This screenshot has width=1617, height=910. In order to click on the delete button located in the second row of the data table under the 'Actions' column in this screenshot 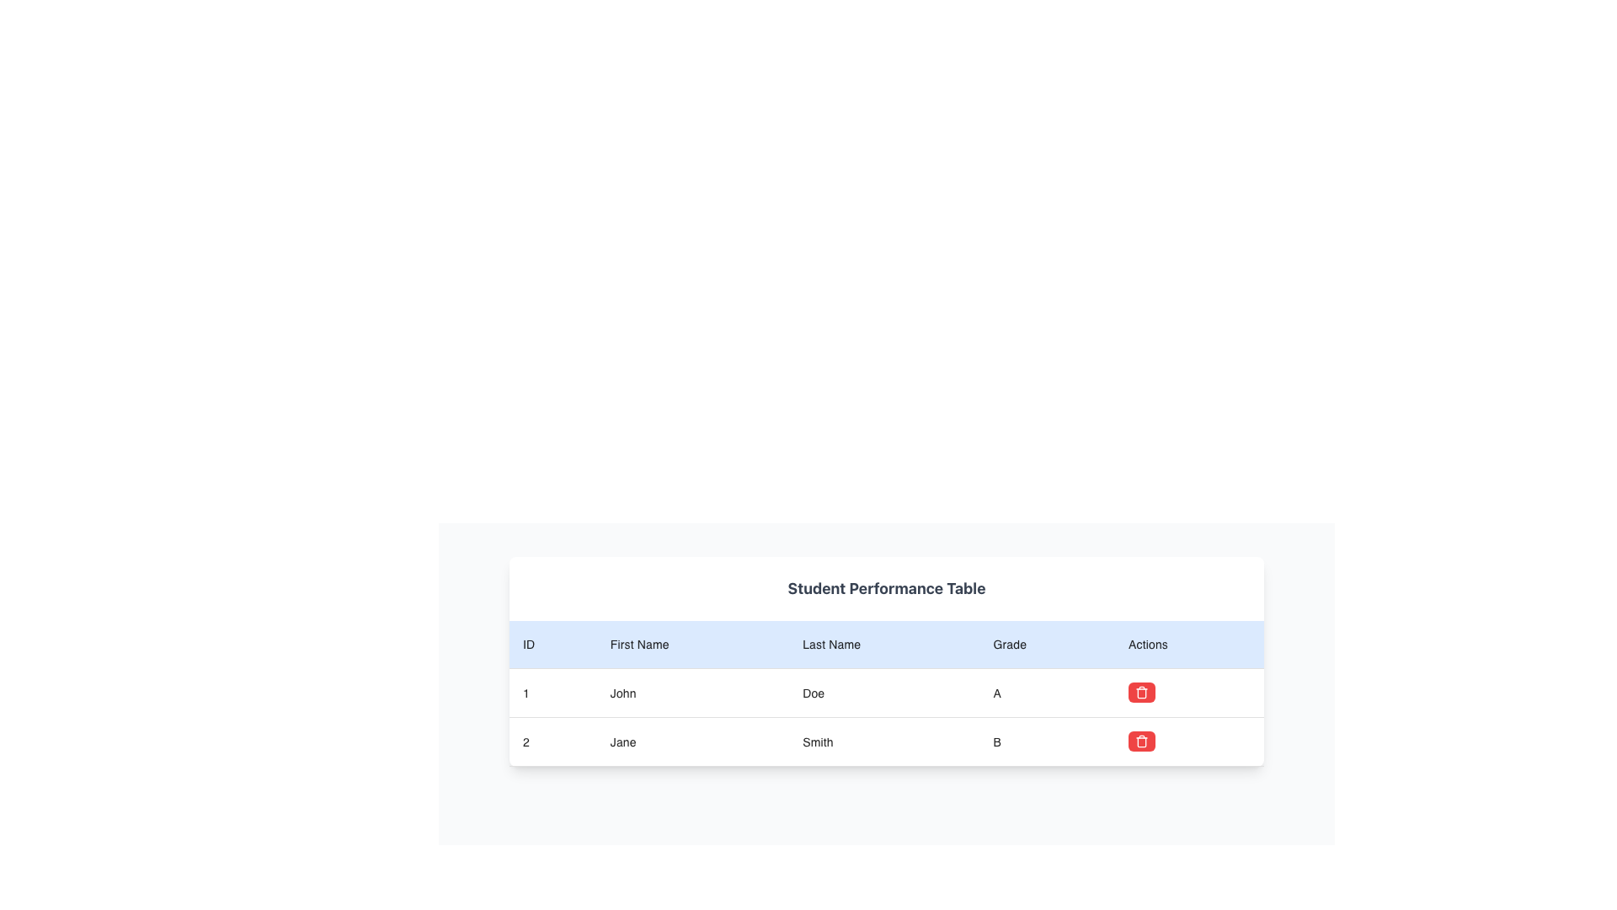, I will do `click(1142, 692)`.